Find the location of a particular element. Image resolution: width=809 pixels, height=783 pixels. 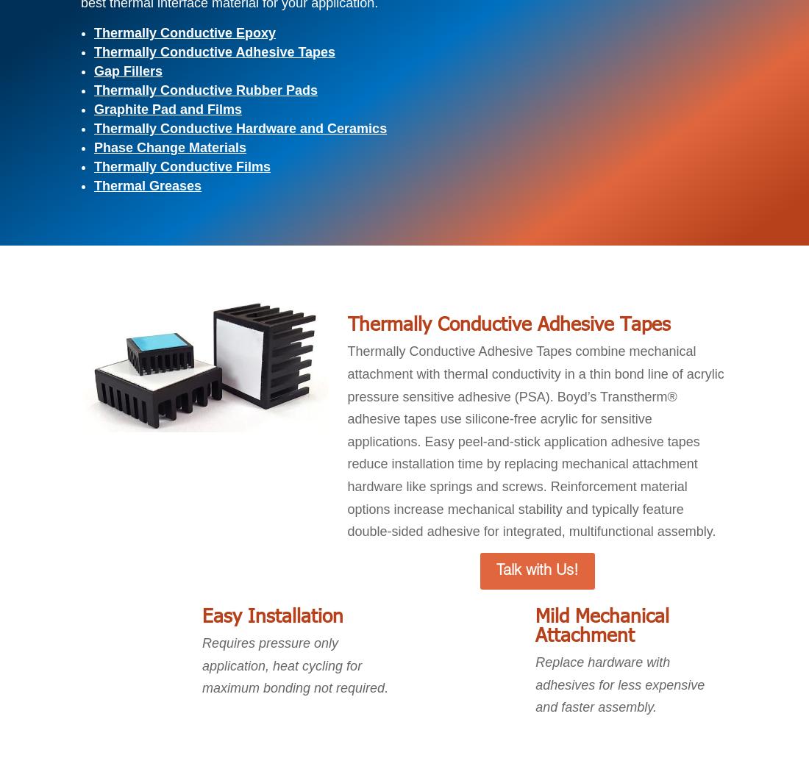

'Replace hardware with adhesives for less expensive and faster assembly.' is located at coordinates (619, 684).